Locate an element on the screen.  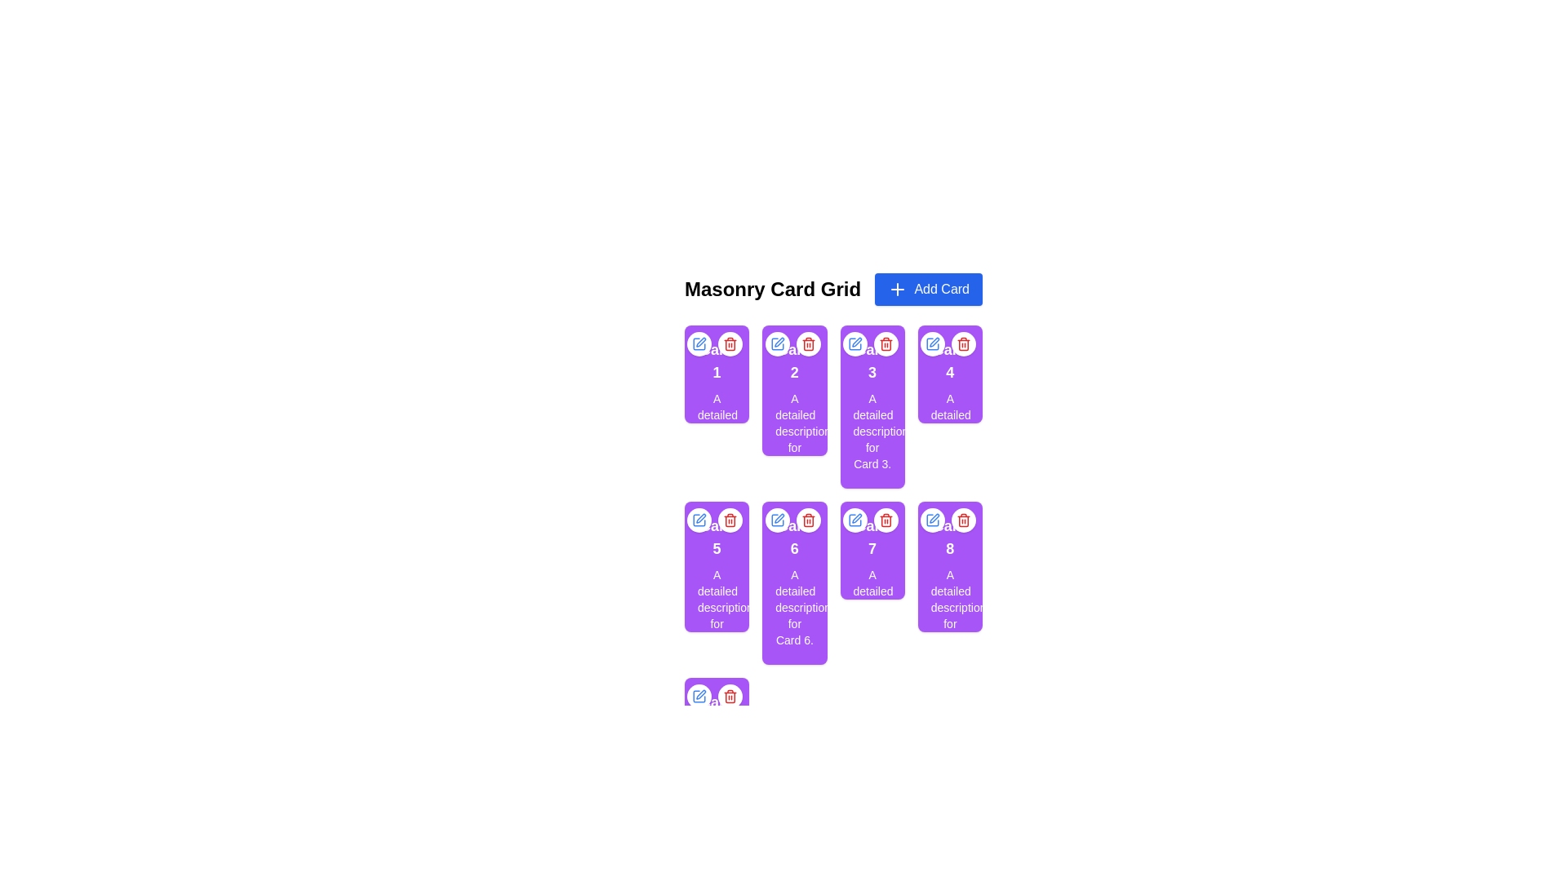
the edit icon (pen) located in the top-left region of card number '1' to initiate the edit function is located at coordinates (855, 518).